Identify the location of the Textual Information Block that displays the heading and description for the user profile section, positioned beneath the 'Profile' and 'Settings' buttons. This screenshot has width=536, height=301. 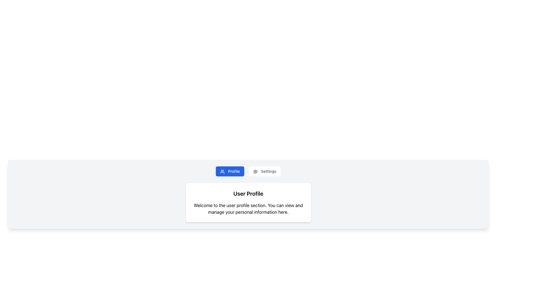
(248, 202).